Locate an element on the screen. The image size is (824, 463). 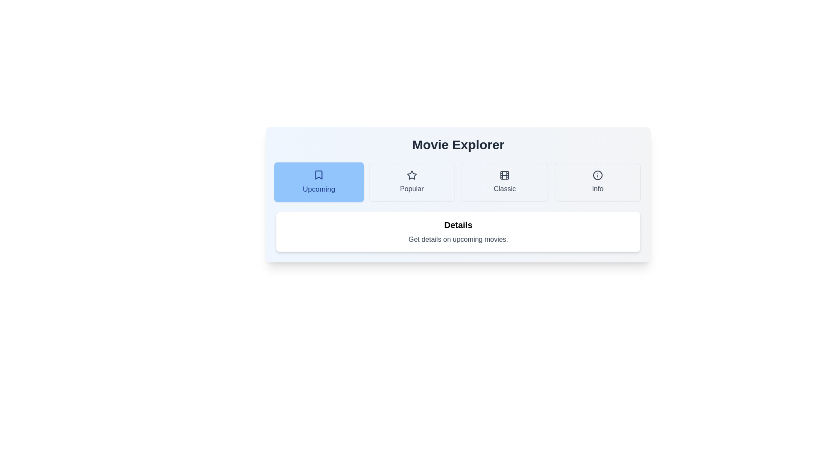
the Decorative component within the 'Classic' film strip icon in the 'Movie Explorer' interface is located at coordinates (505, 174).